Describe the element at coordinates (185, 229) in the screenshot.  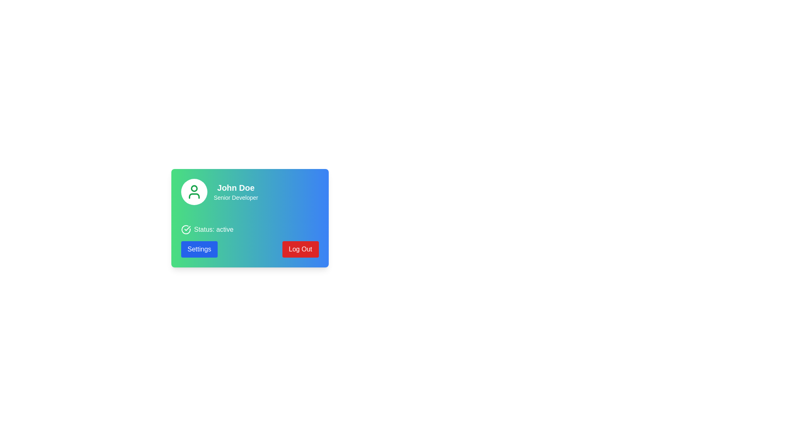
I see `the circular outline SVG graphic icon featuring a stylized checkmark, located in the status information section of the user profile card, to the left of the 'Status: active' label` at that location.